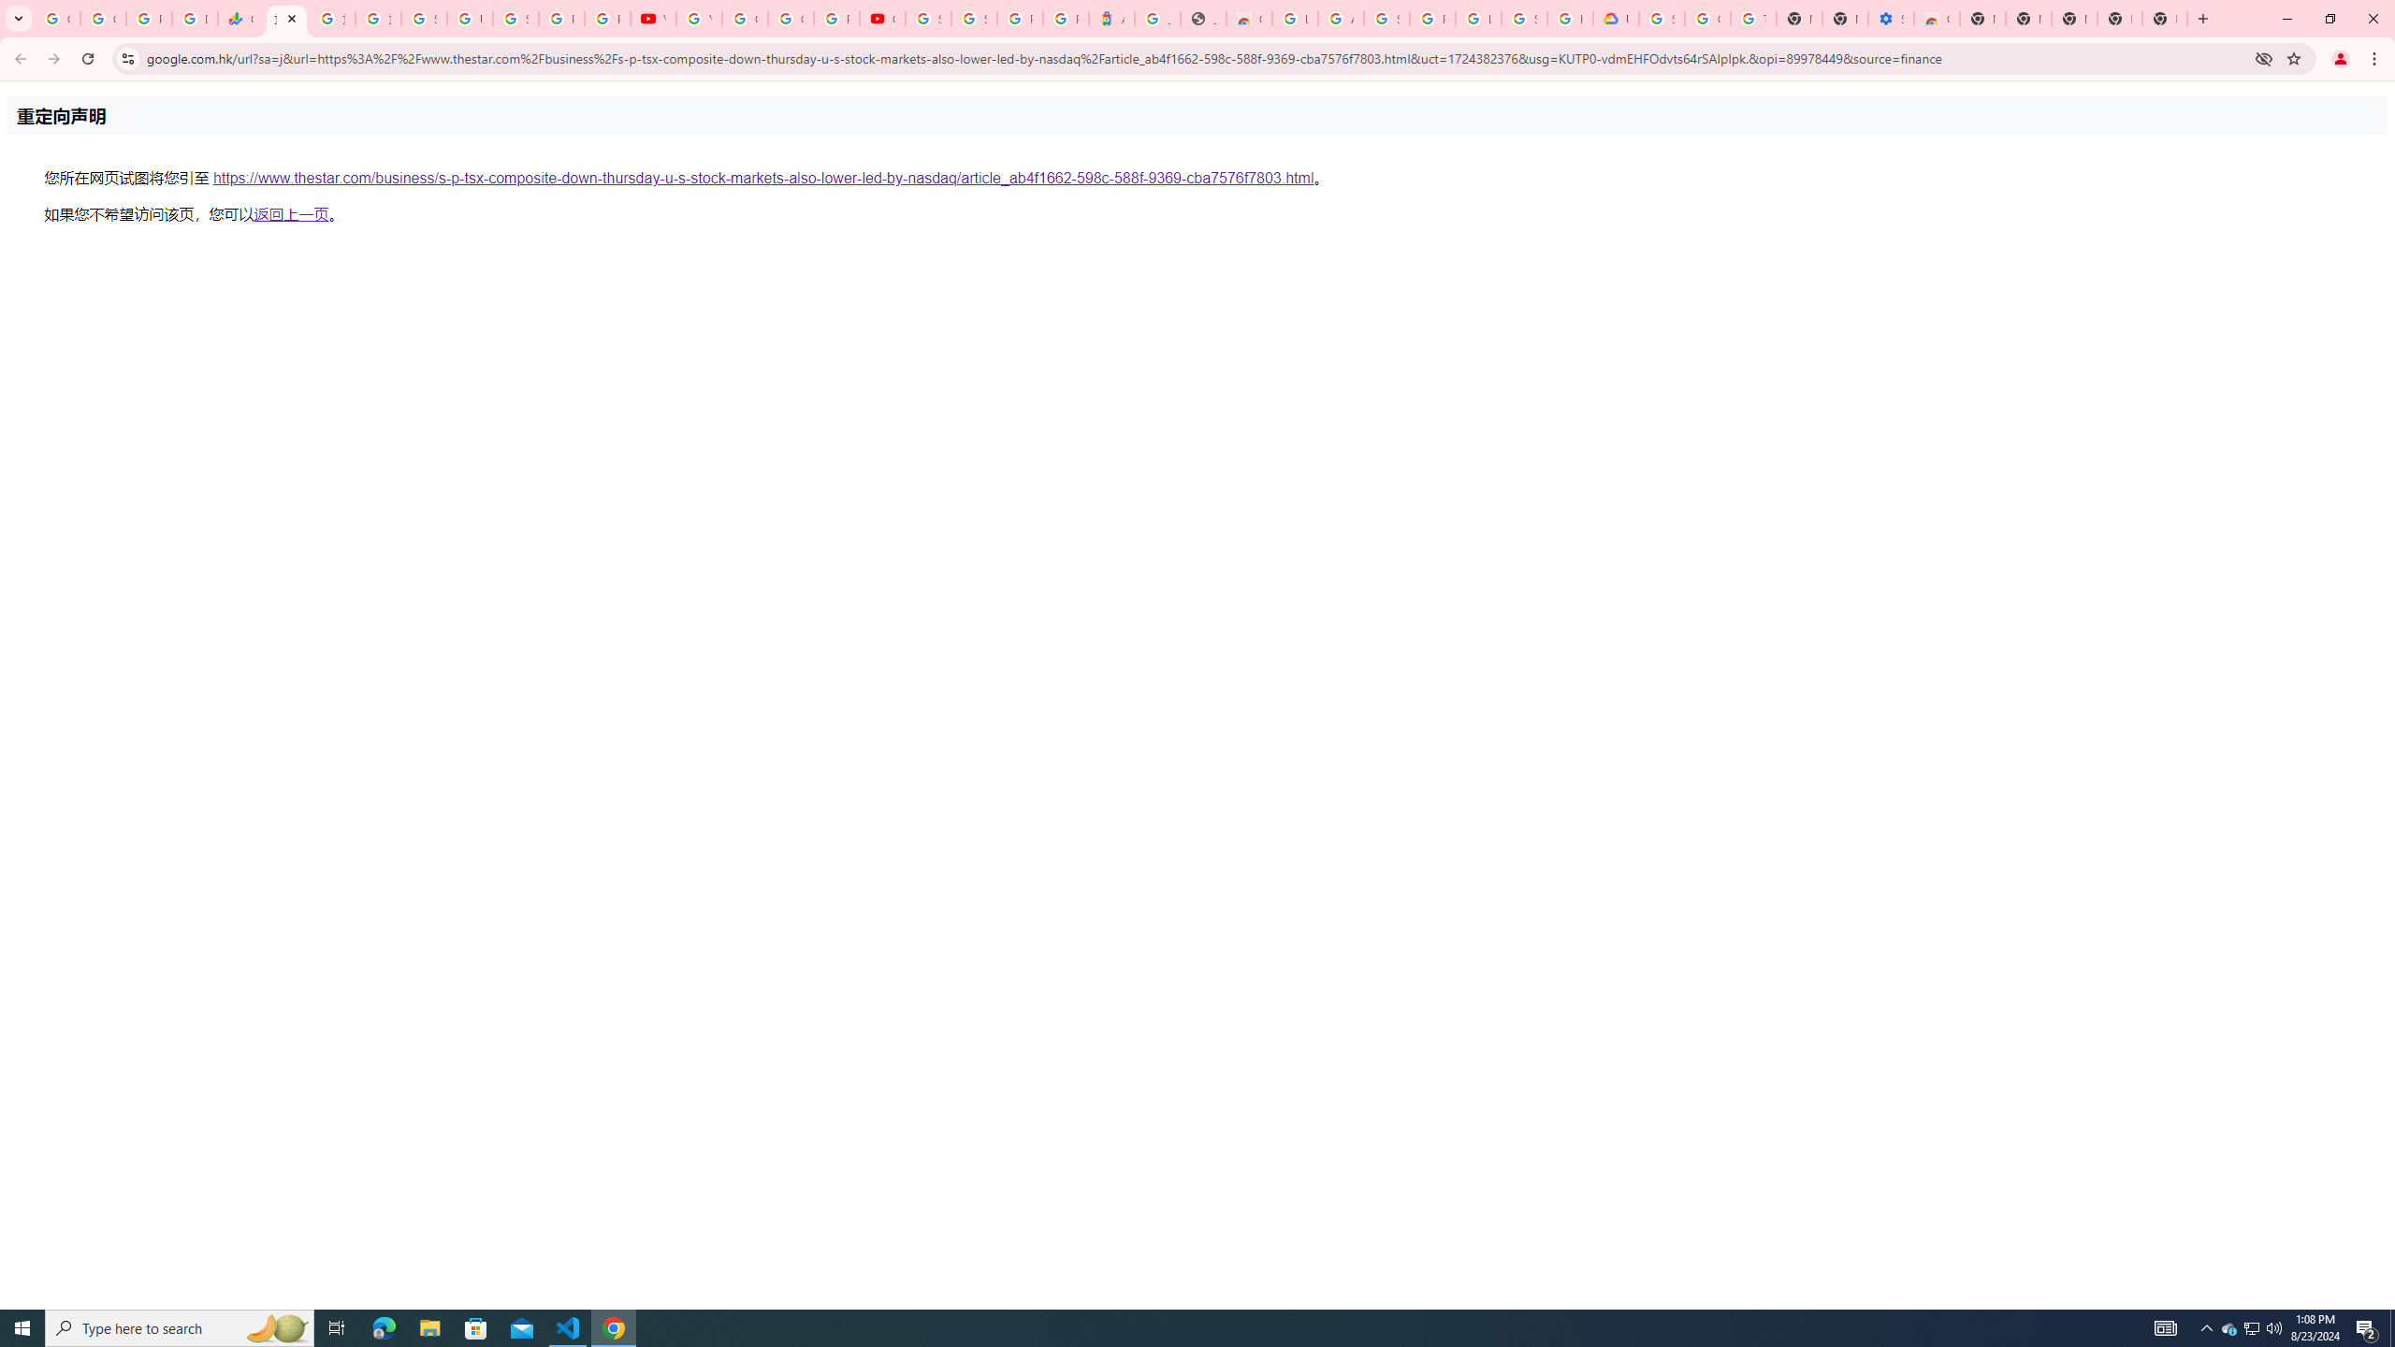  Describe the element at coordinates (1250, 18) in the screenshot. I see `'Chrome Web Store - Household'` at that location.